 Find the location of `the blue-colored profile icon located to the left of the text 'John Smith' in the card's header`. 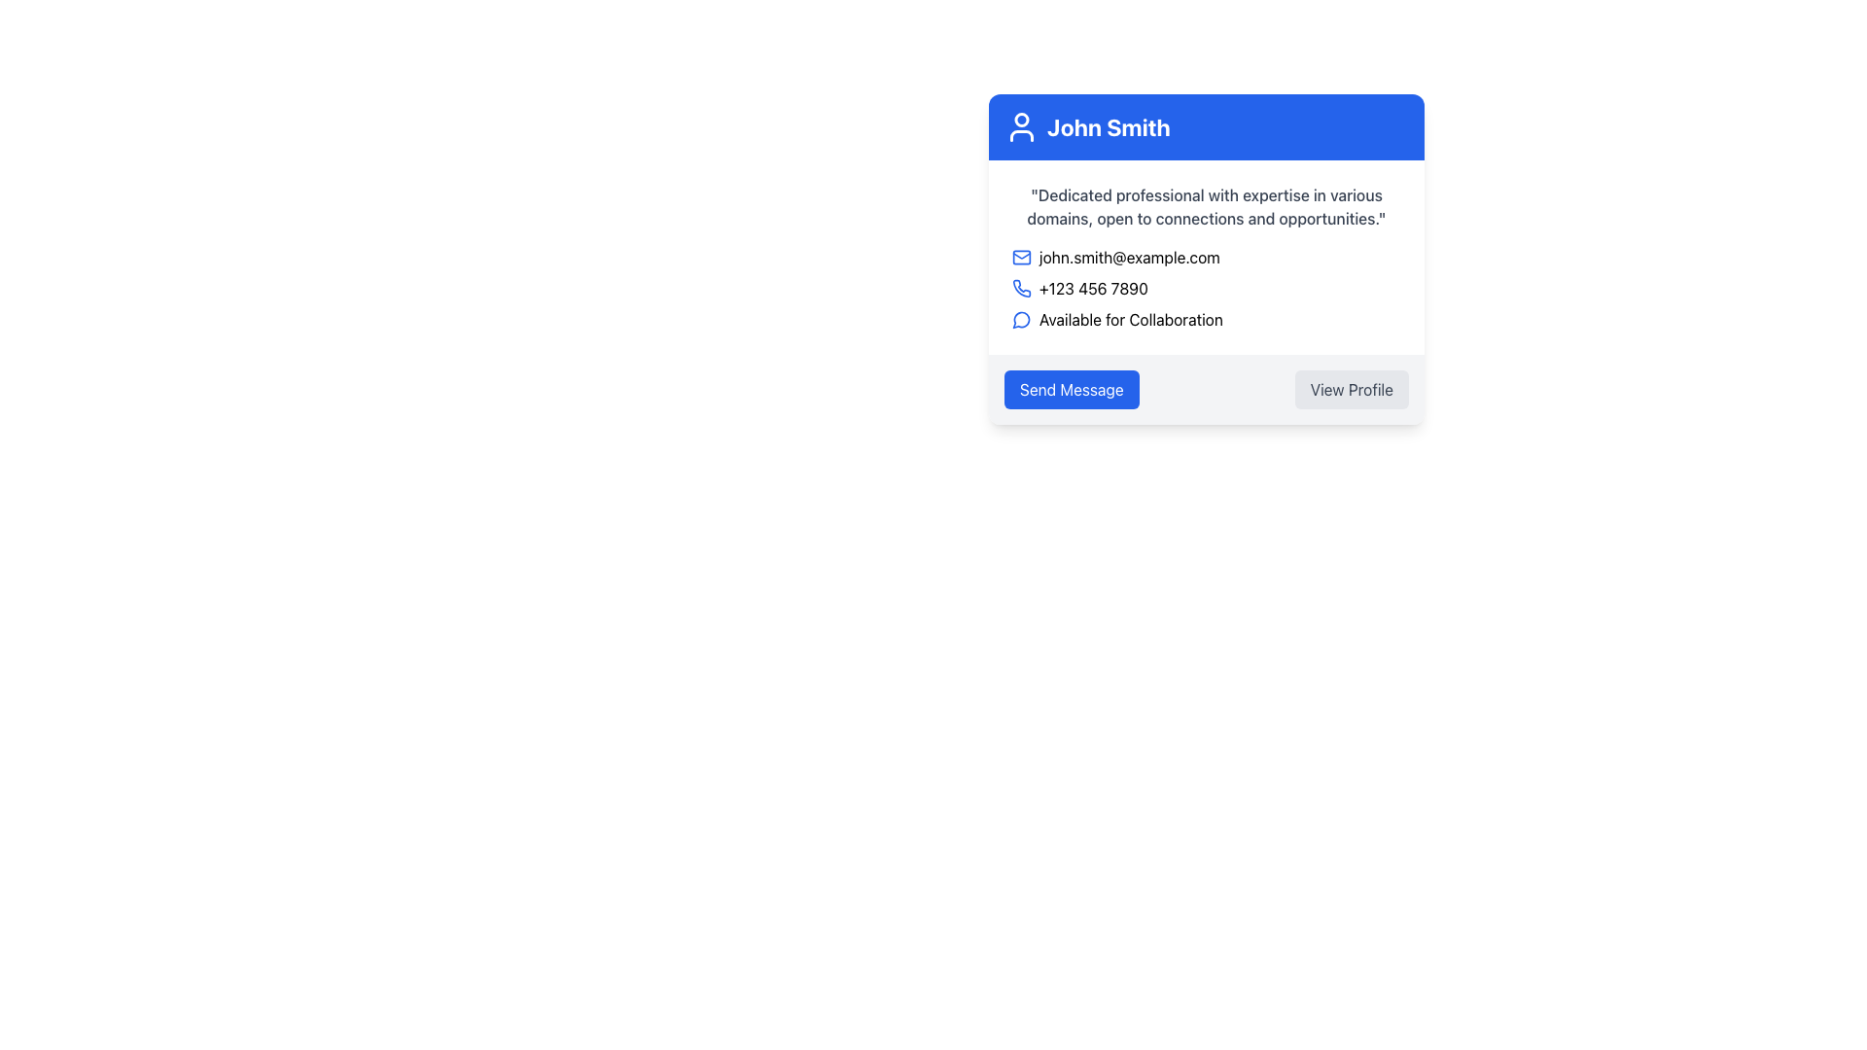

the blue-colored profile icon located to the left of the text 'John Smith' in the card's header is located at coordinates (1021, 127).